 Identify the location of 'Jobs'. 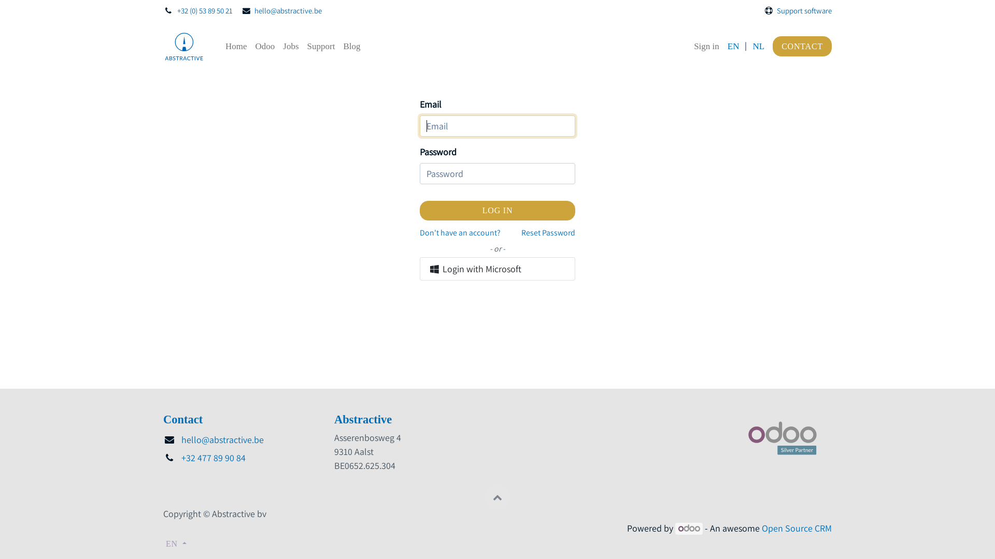
(290, 46).